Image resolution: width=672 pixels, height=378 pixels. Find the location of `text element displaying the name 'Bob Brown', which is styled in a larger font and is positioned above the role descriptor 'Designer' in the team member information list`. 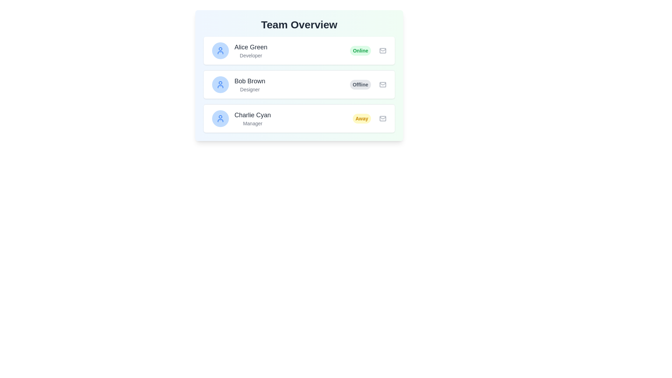

text element displaying the name 'Bob Brown', which is styled in a larger font and is positioned above the role descriptor 'Designer' in the team member information list is located at coordinates (250, 80).